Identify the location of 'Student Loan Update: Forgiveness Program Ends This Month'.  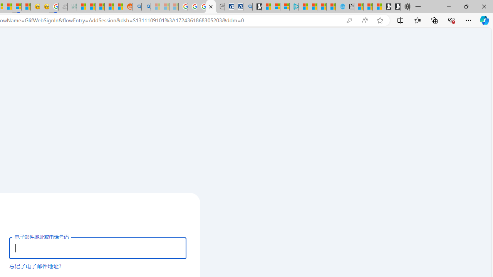
(109, 7).